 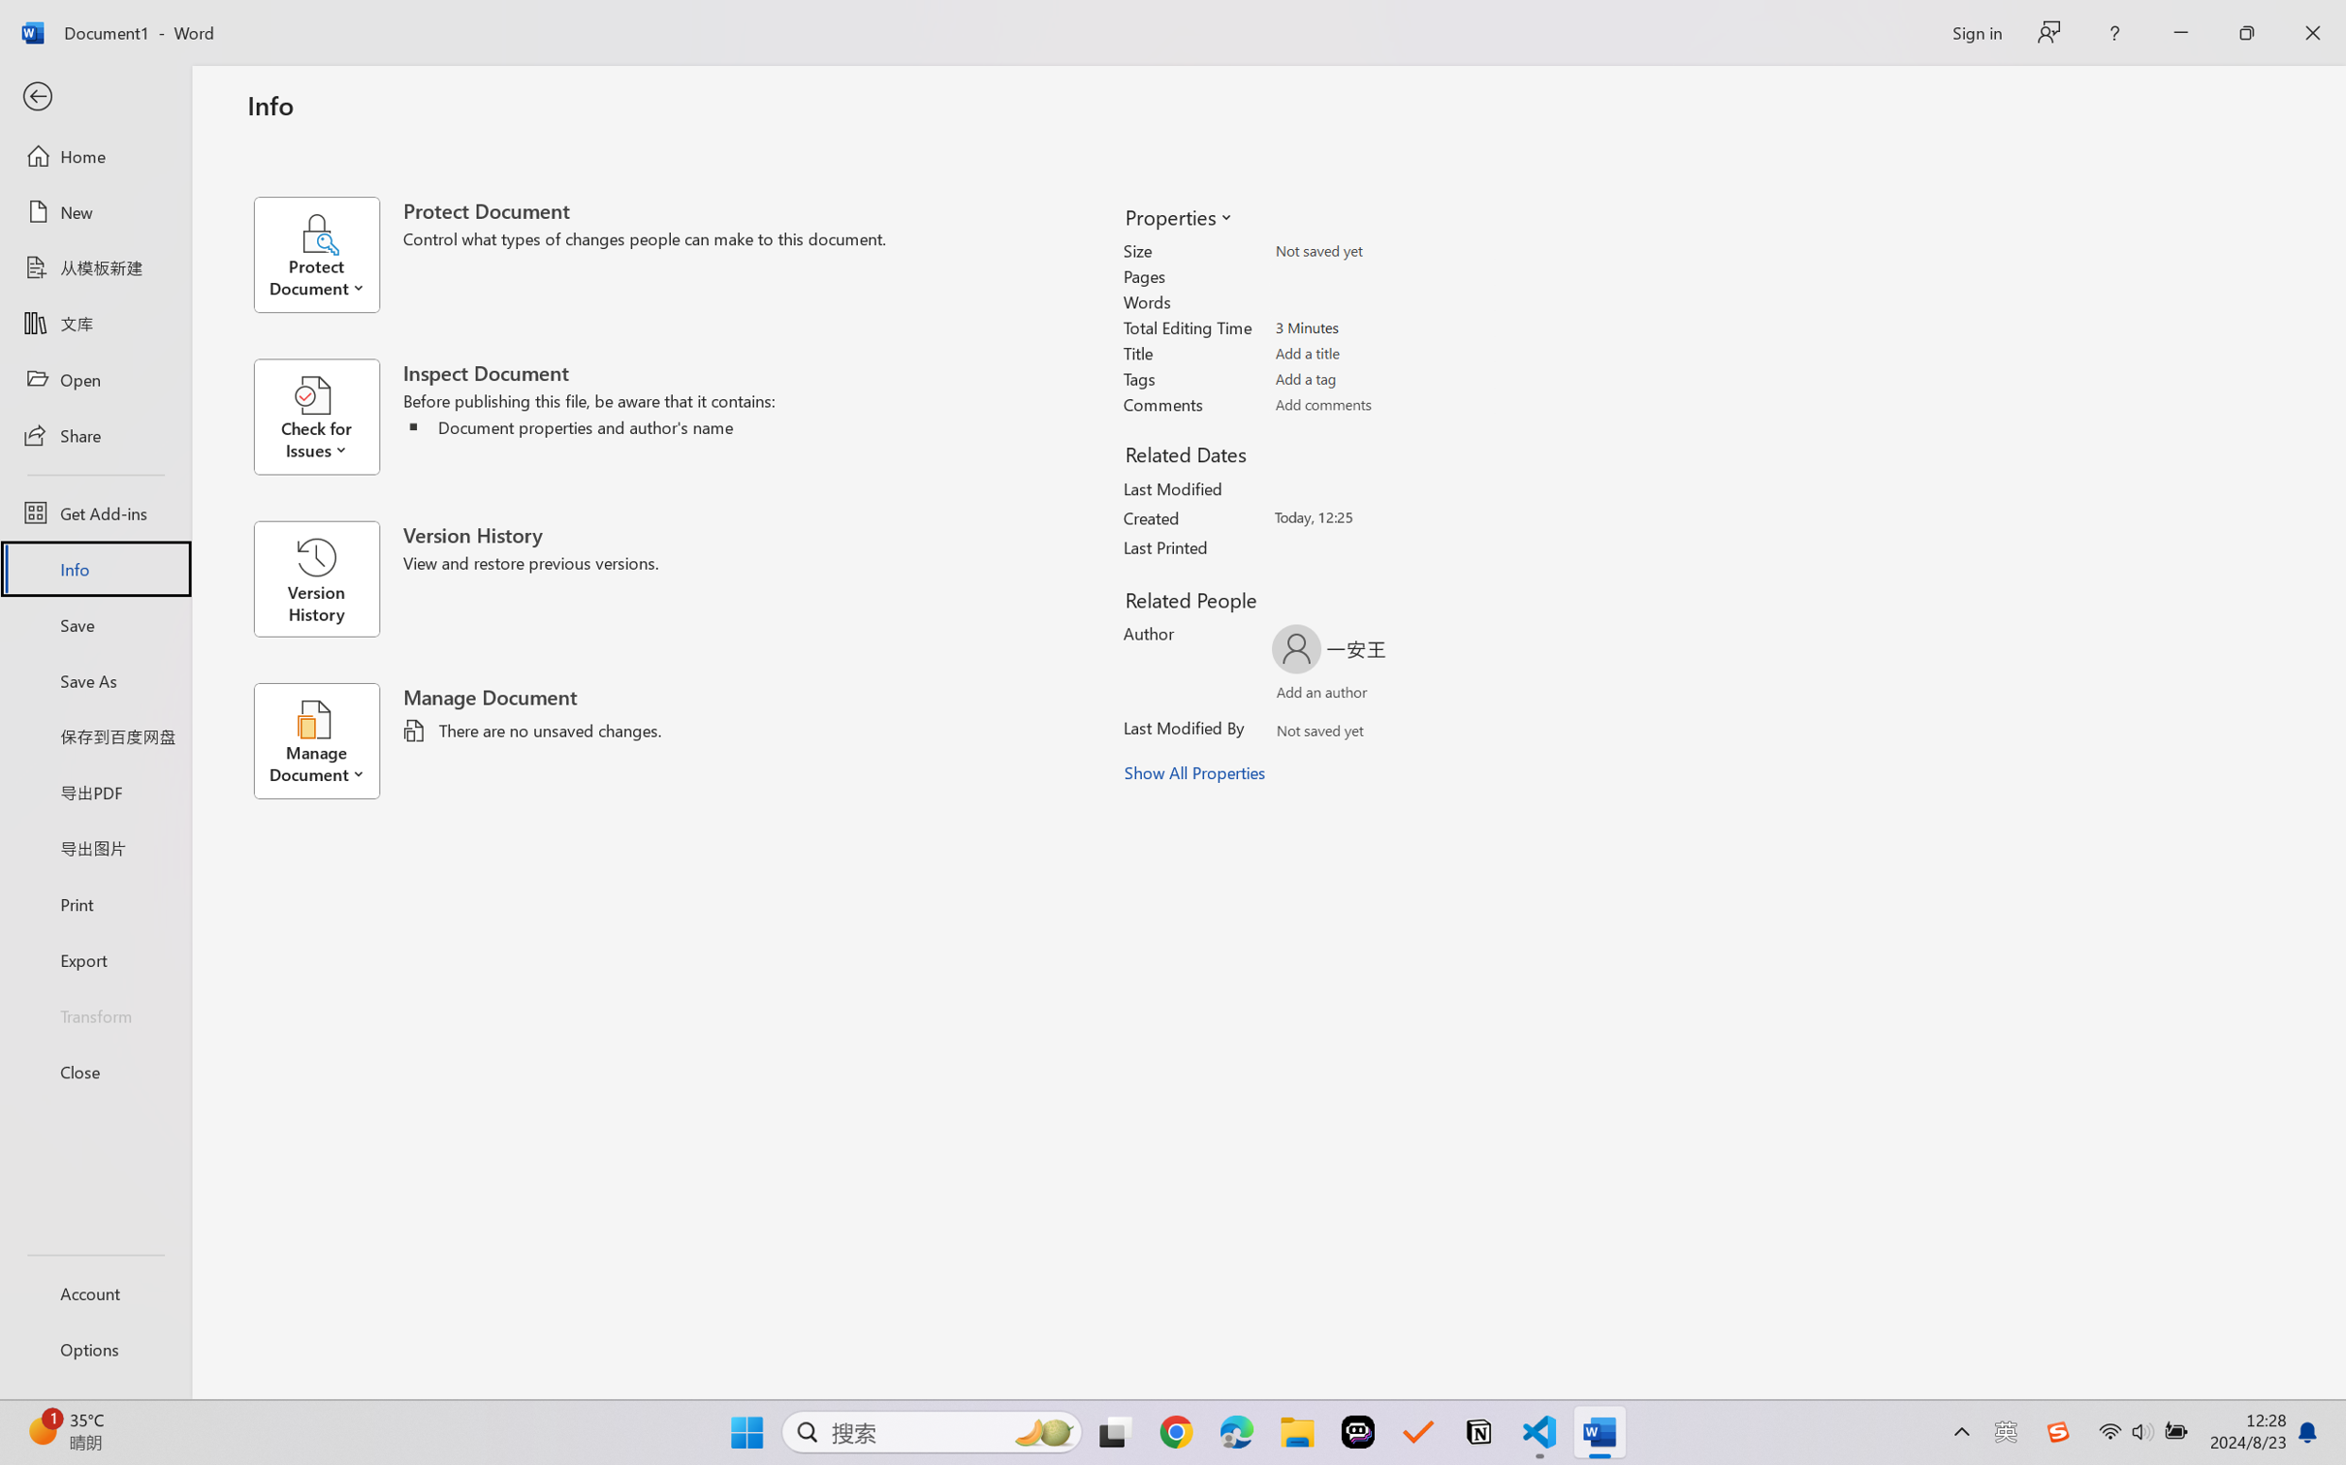 What do you see at coordinates (1975, 32) in the screenshot?
I see `'Sign in'` at bounding box center [1975, 32].